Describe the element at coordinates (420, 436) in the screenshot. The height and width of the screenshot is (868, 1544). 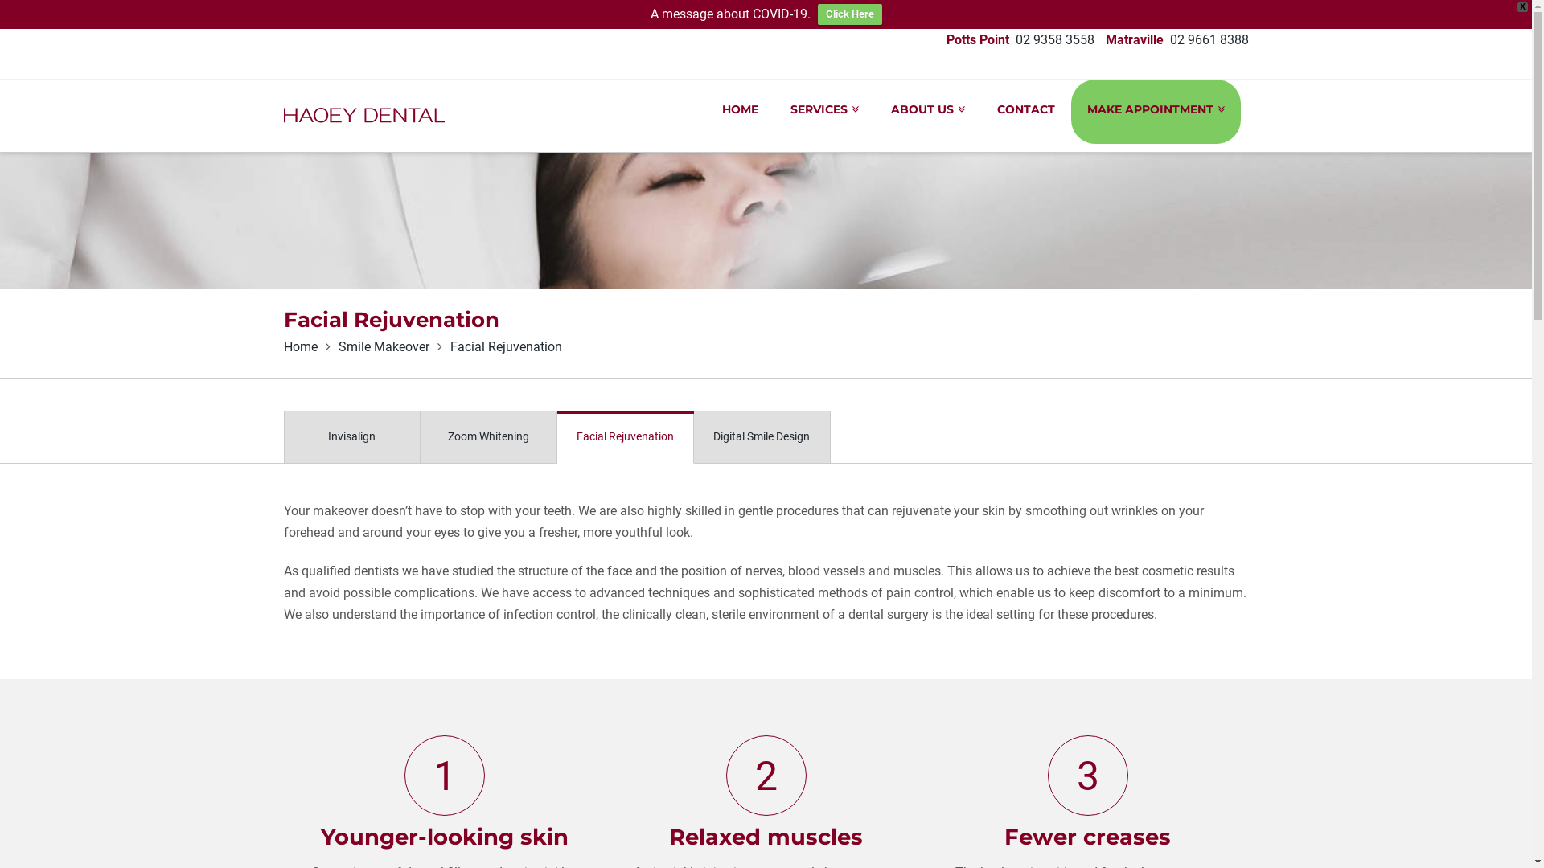
I see `'Zoom Whitening'` at that location.